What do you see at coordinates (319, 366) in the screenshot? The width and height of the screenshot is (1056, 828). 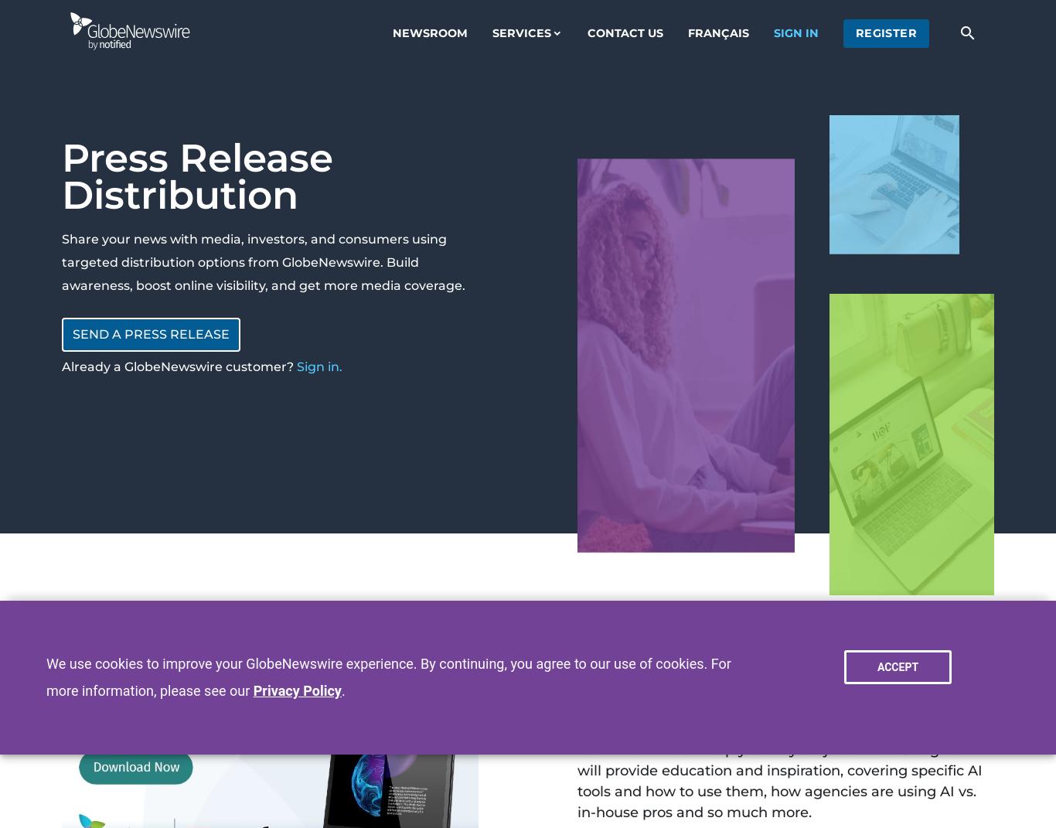 I see `'Sign in.'` at bounding box center [319, 366].